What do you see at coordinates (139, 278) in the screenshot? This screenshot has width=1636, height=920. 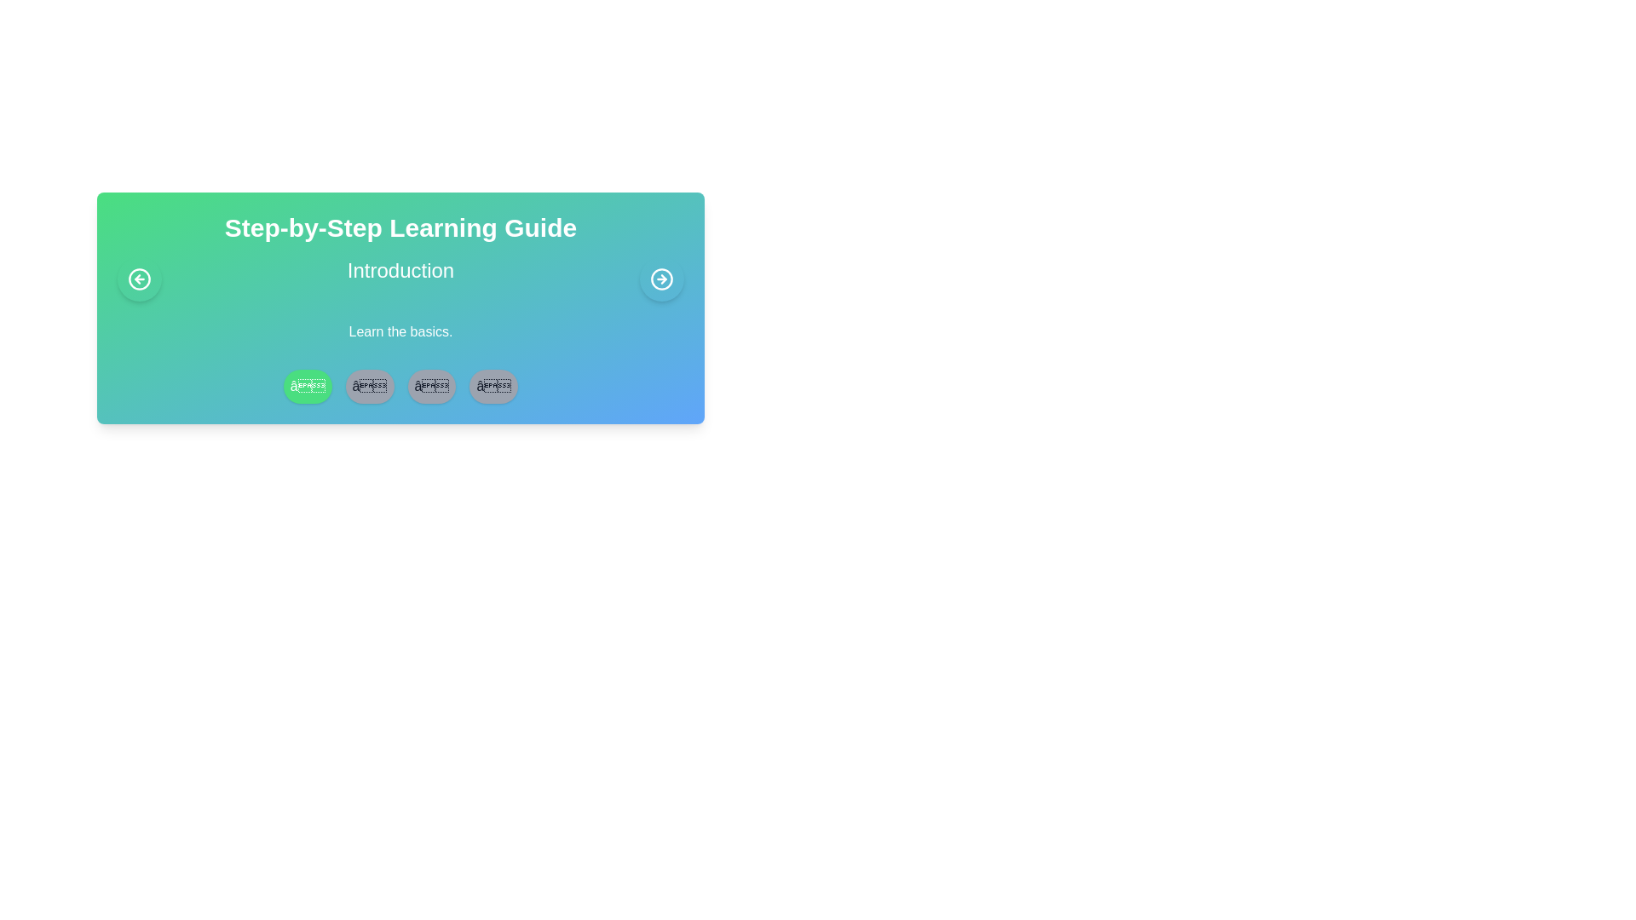 I see `the leftward arrow button located on the left side of the panel, adjacent to the text 'Introduction'` at bounding box center [139, 278].